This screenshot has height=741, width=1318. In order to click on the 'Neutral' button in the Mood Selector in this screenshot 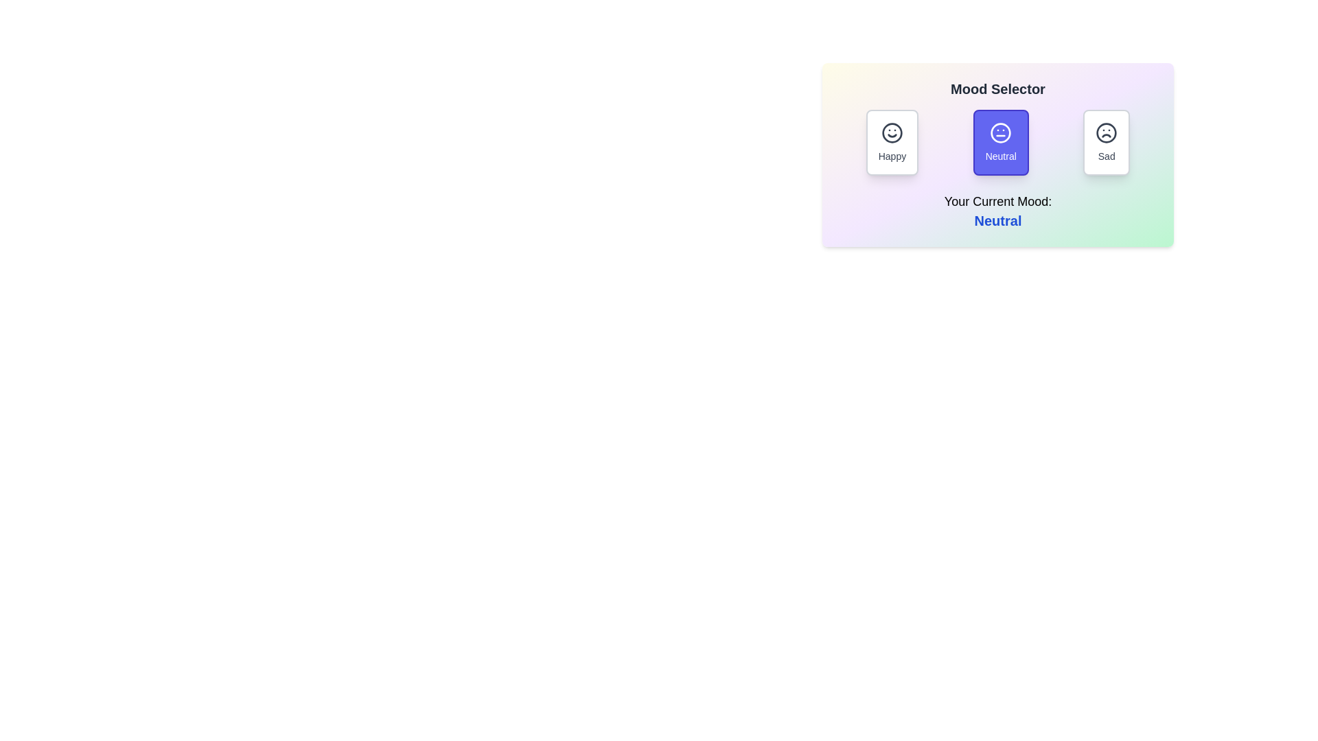, I will do `click(998, 143)`.